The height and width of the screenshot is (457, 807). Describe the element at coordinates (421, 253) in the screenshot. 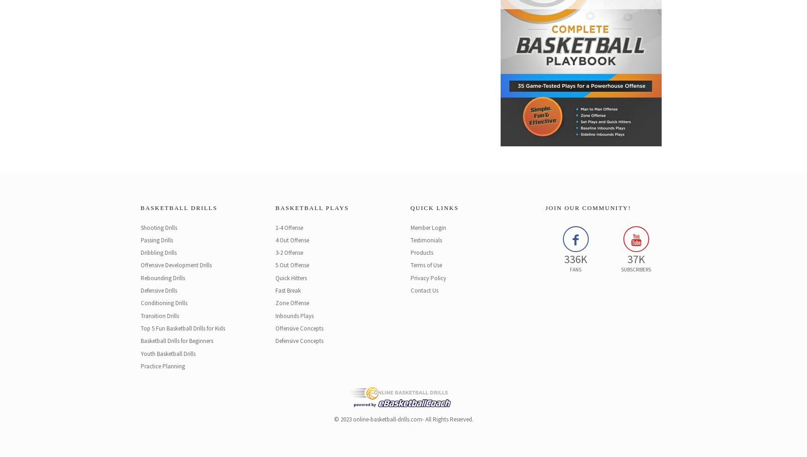

I see `'Products'` at that location.